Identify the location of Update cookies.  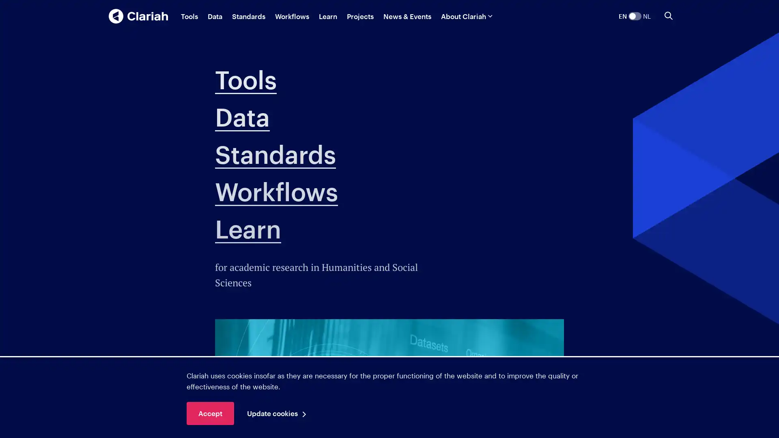
(279, 413).